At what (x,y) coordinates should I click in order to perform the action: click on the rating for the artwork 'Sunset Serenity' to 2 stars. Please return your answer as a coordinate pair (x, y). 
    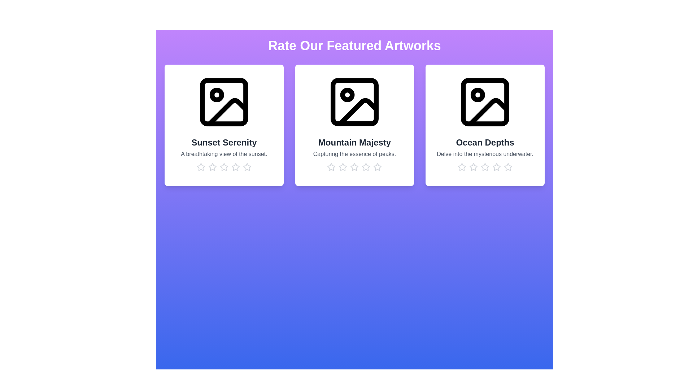
    Looking at the image, I should click on (212, 167).